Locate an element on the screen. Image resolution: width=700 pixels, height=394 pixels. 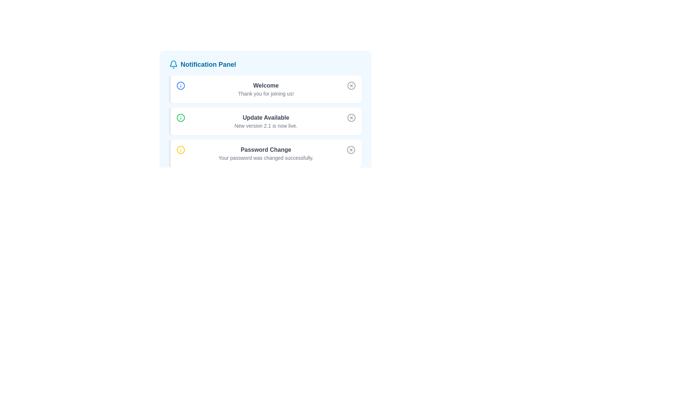
the alert box styled with a white background and a green border that displays 'Update Available' to interact with it is located at coordinates (265, 121).